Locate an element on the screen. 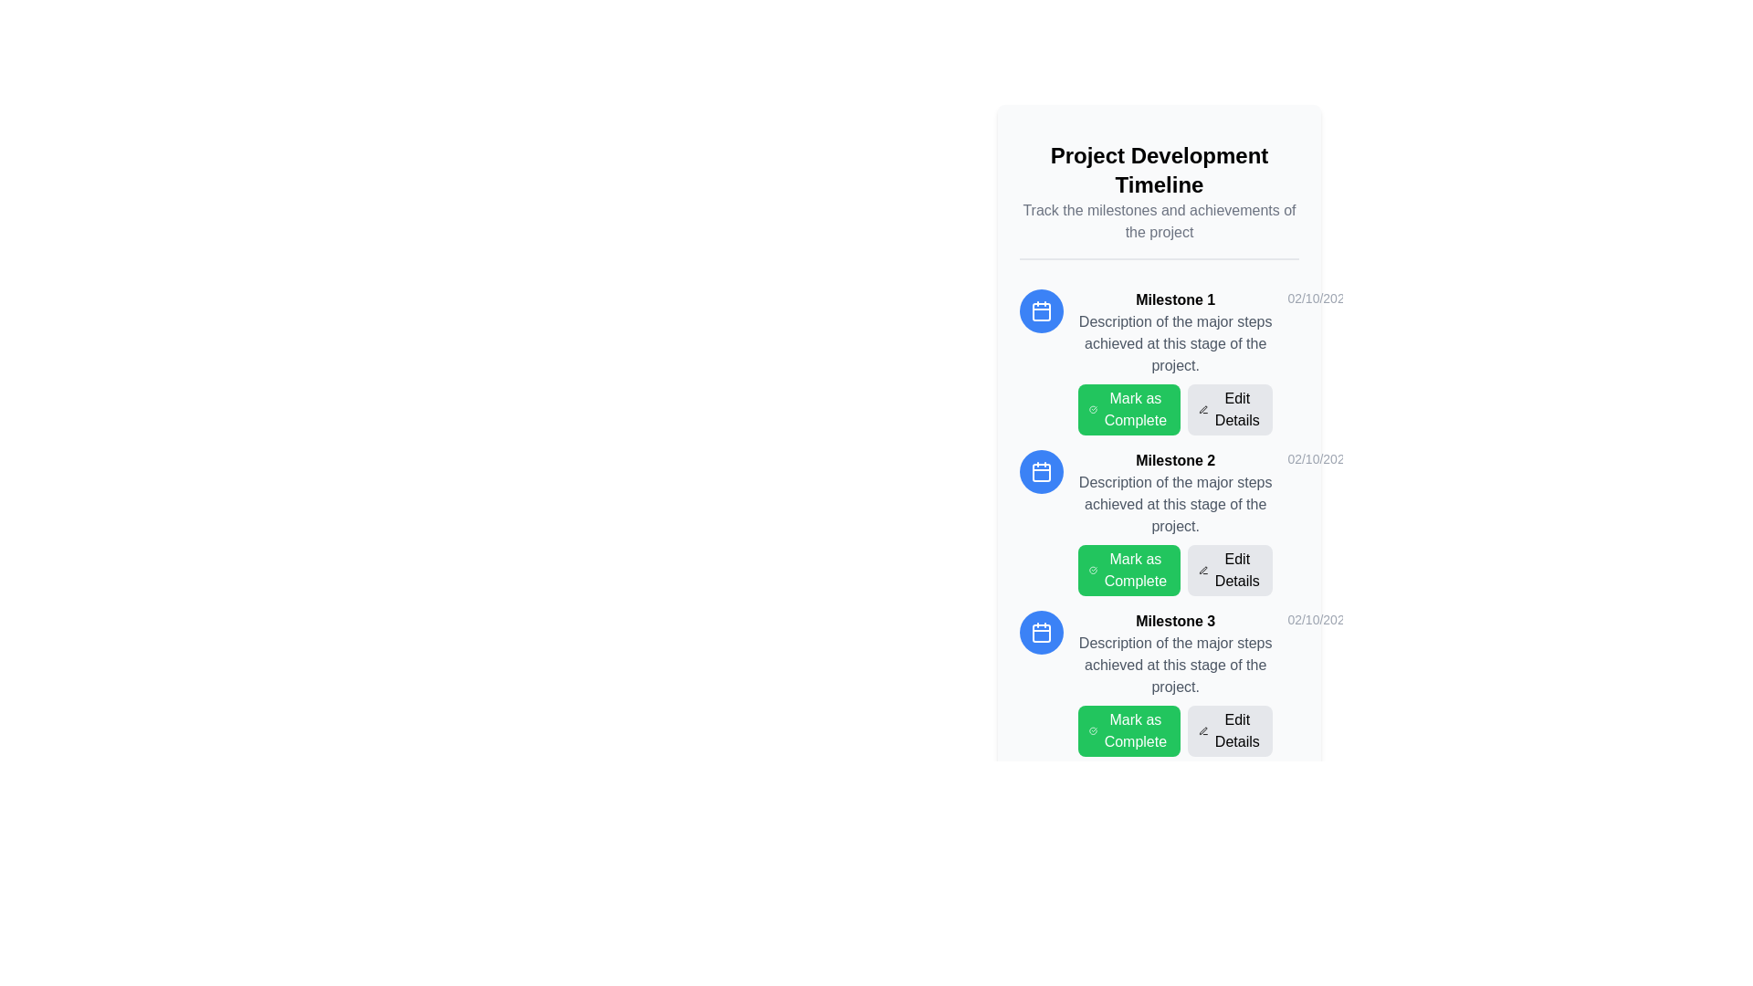 The height and width of the screenshot is (986, 1753). the text block that provides a descriptive overview of the progress or accomplishments related to 'Milestone 1', positioned below the 'Milestone 1' title and above the action buttons is located at coordinates (1175, 344).